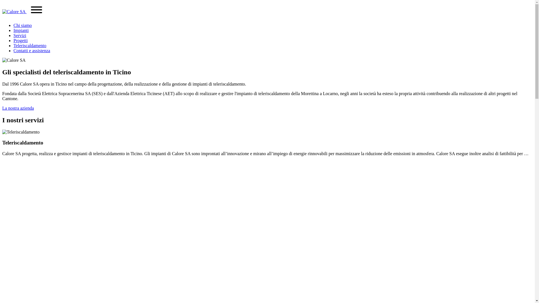 This screenshot has width=539, height=303. What do you see at coordinates (13, 30) in the screenshot?
I see `'Impianti'` at bounding box center [13, 30].